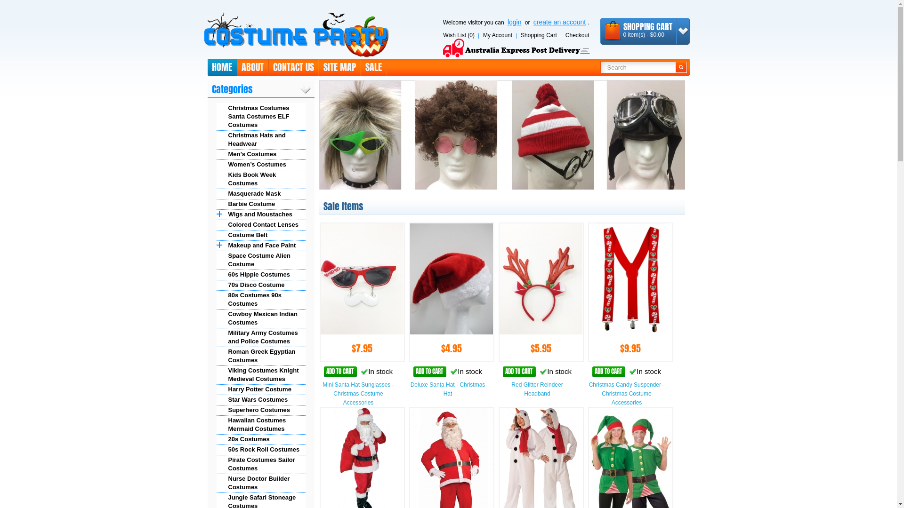 This screenshot has height=508, width=904. Describe the element at coordinates (539, 35) in the screenshot. I see `'Shopping Cart'` at that location.